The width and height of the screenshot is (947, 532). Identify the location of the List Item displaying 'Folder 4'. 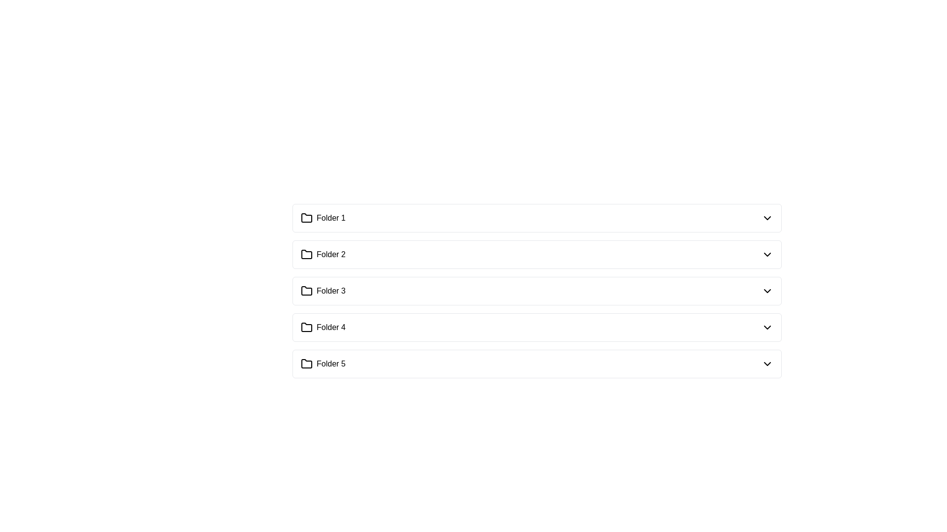
(537, 327).